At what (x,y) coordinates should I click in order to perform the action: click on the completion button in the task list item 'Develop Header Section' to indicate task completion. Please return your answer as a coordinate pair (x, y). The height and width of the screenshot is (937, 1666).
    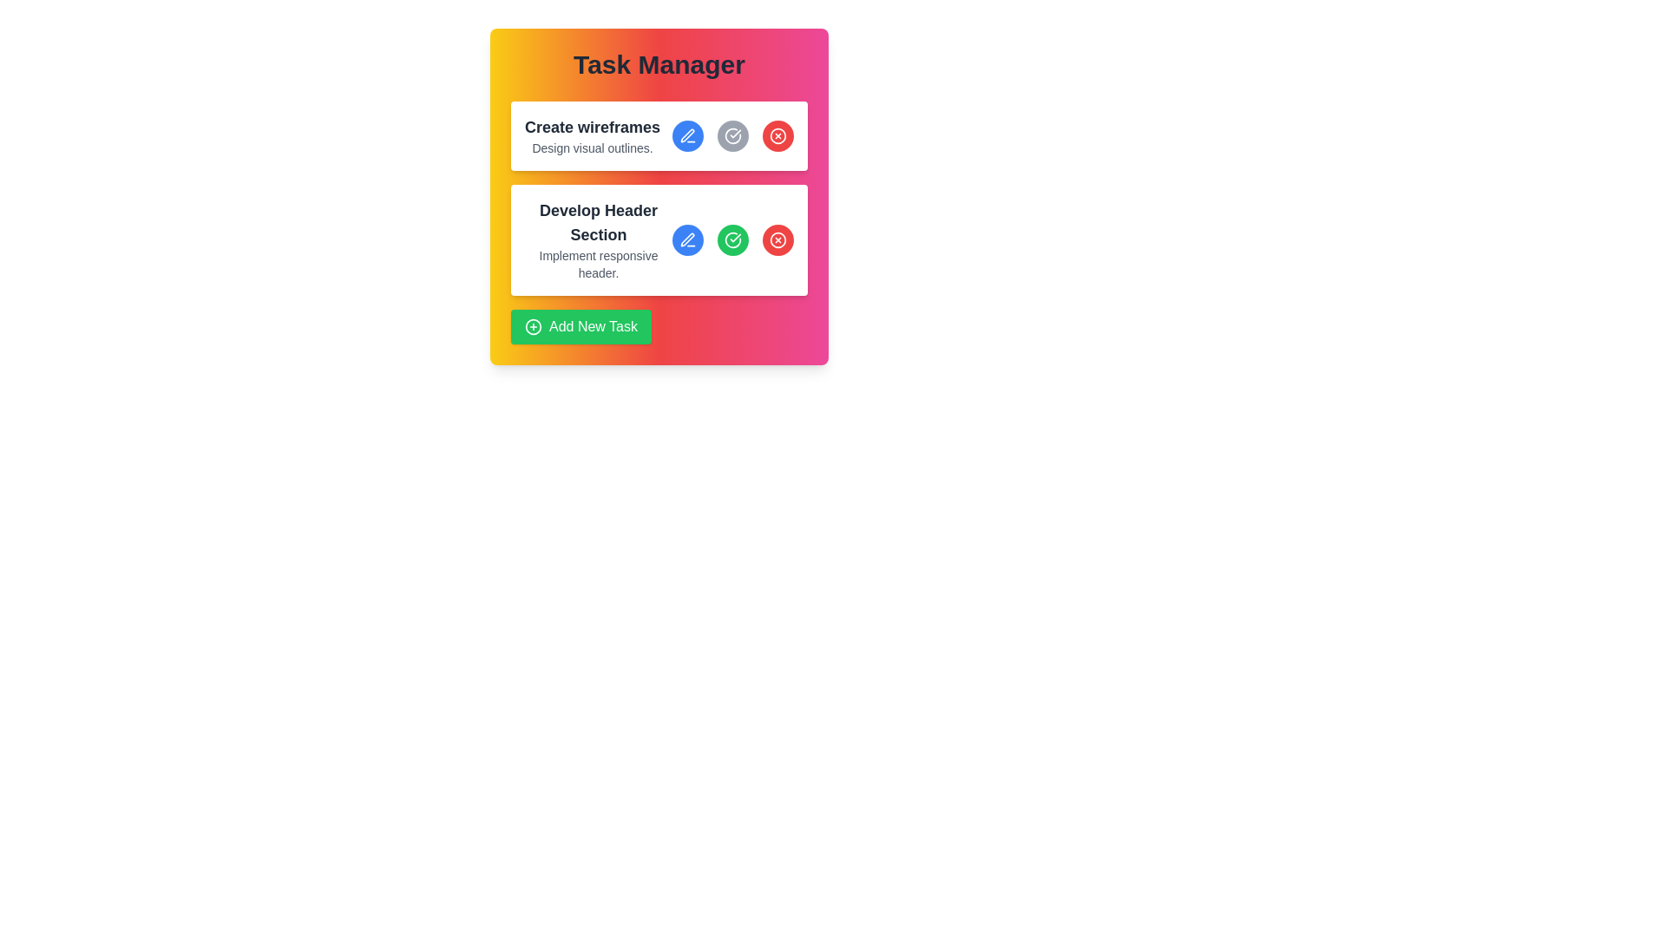
    Looking at the image, I should click on (732, 135).